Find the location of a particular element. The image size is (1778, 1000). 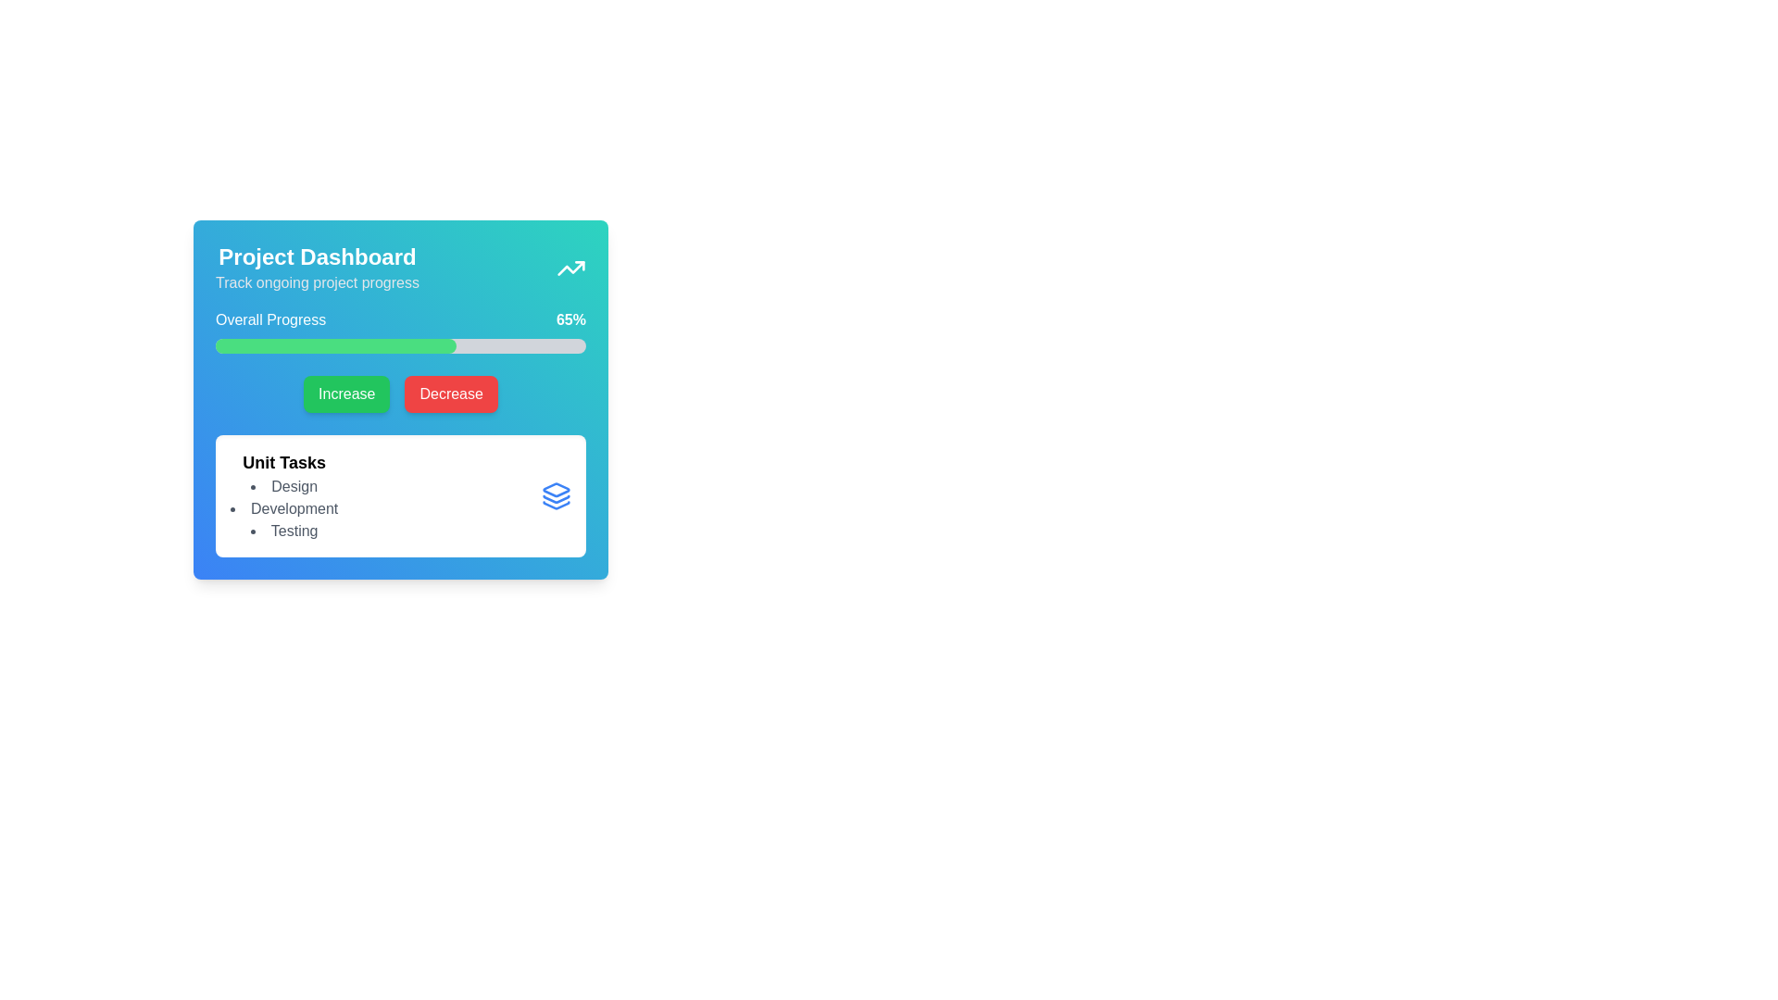

the text label that serves as a title for the task section, located in the lower-left panel of the interface is located at coordinates (283, 462).